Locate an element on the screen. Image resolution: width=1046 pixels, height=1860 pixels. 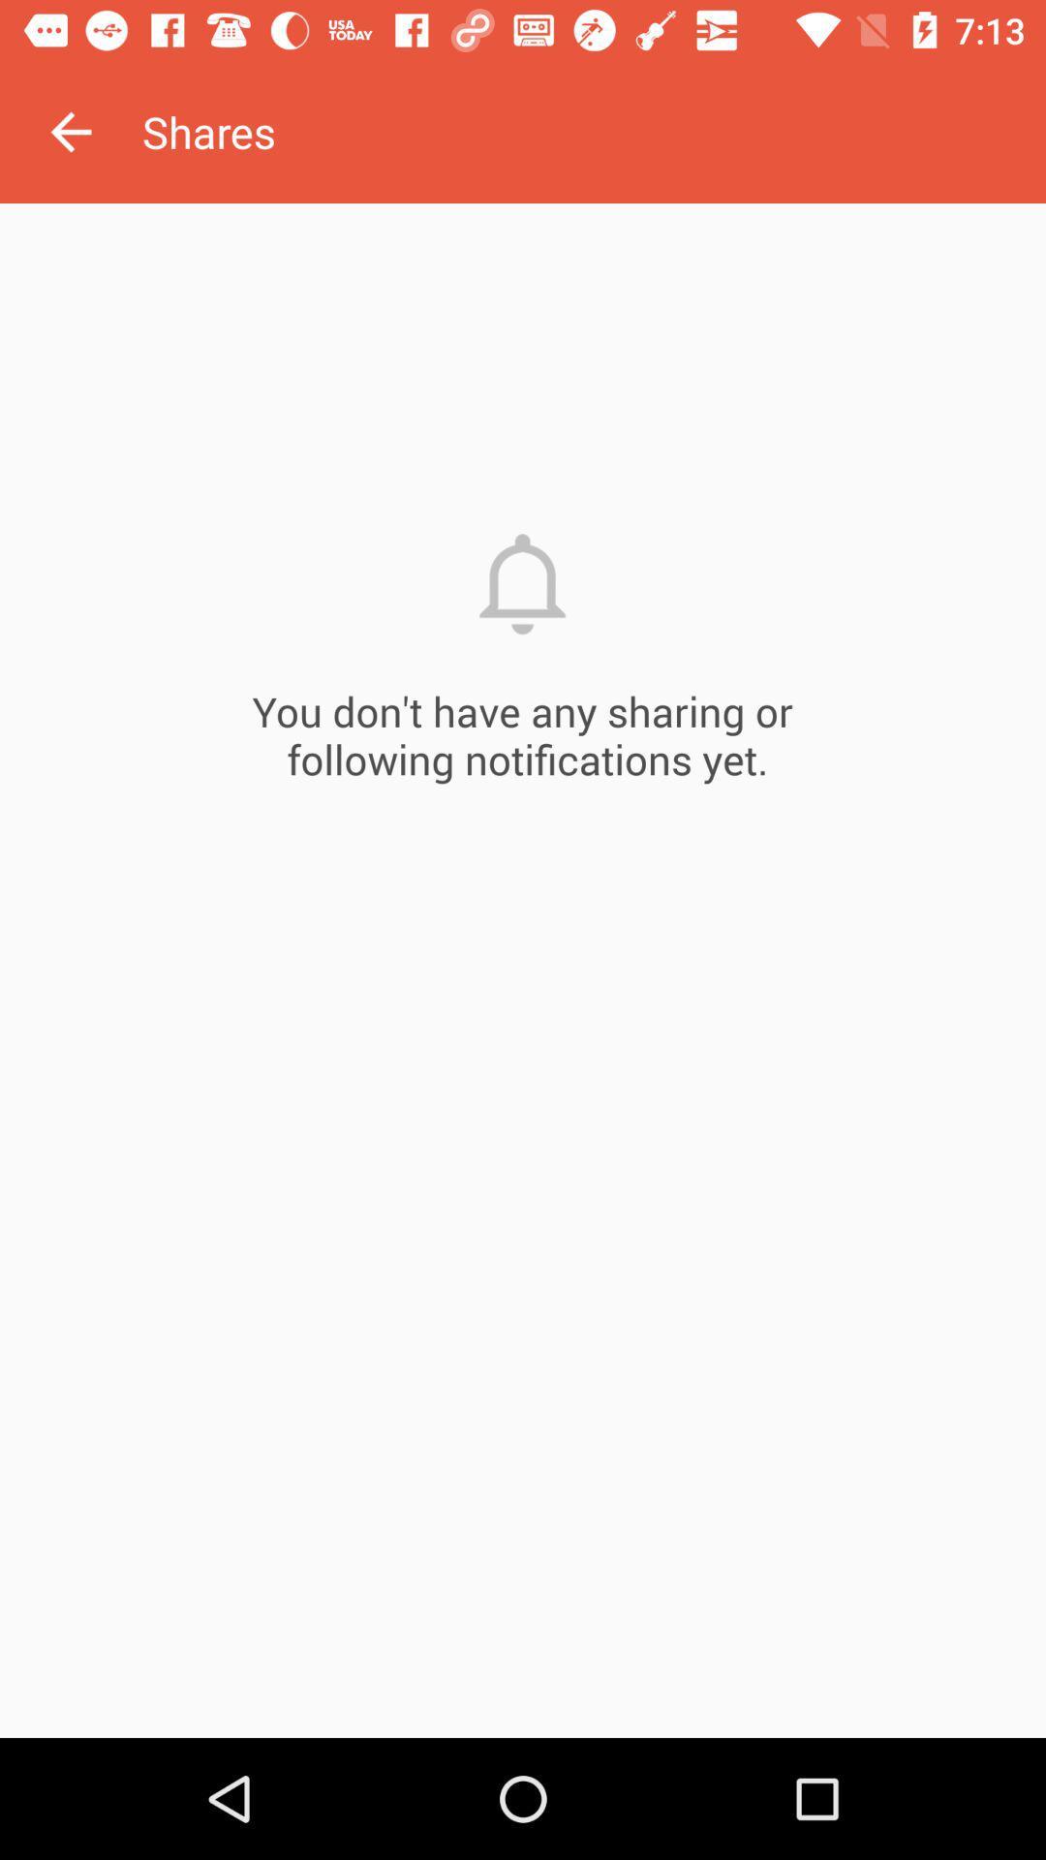
shares icon is located at coordinates (593, 131).